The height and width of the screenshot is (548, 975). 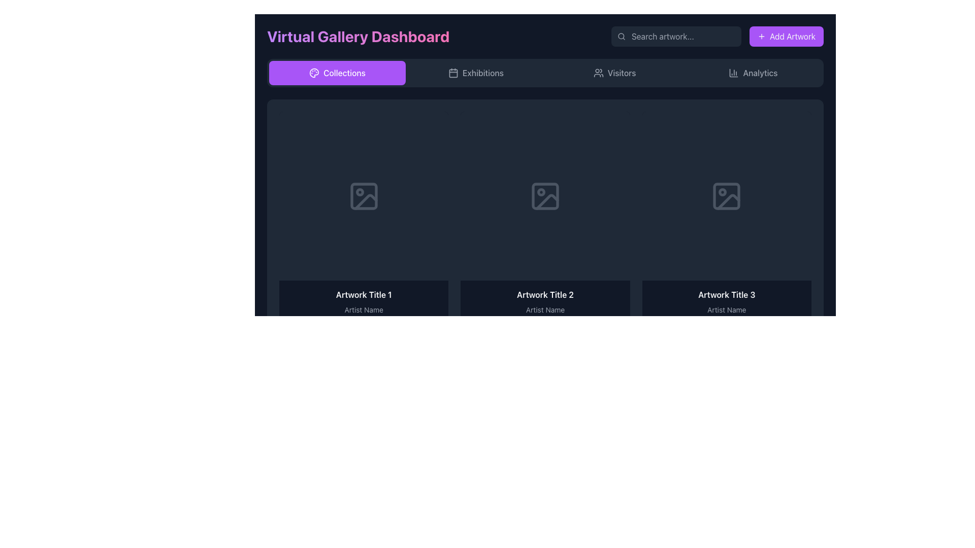 I want to click on displayed text label that identifies the artist of the artwork located below 'Artwork Title 3' in the bottom section of the artwork card, so click(x=726, y=310).